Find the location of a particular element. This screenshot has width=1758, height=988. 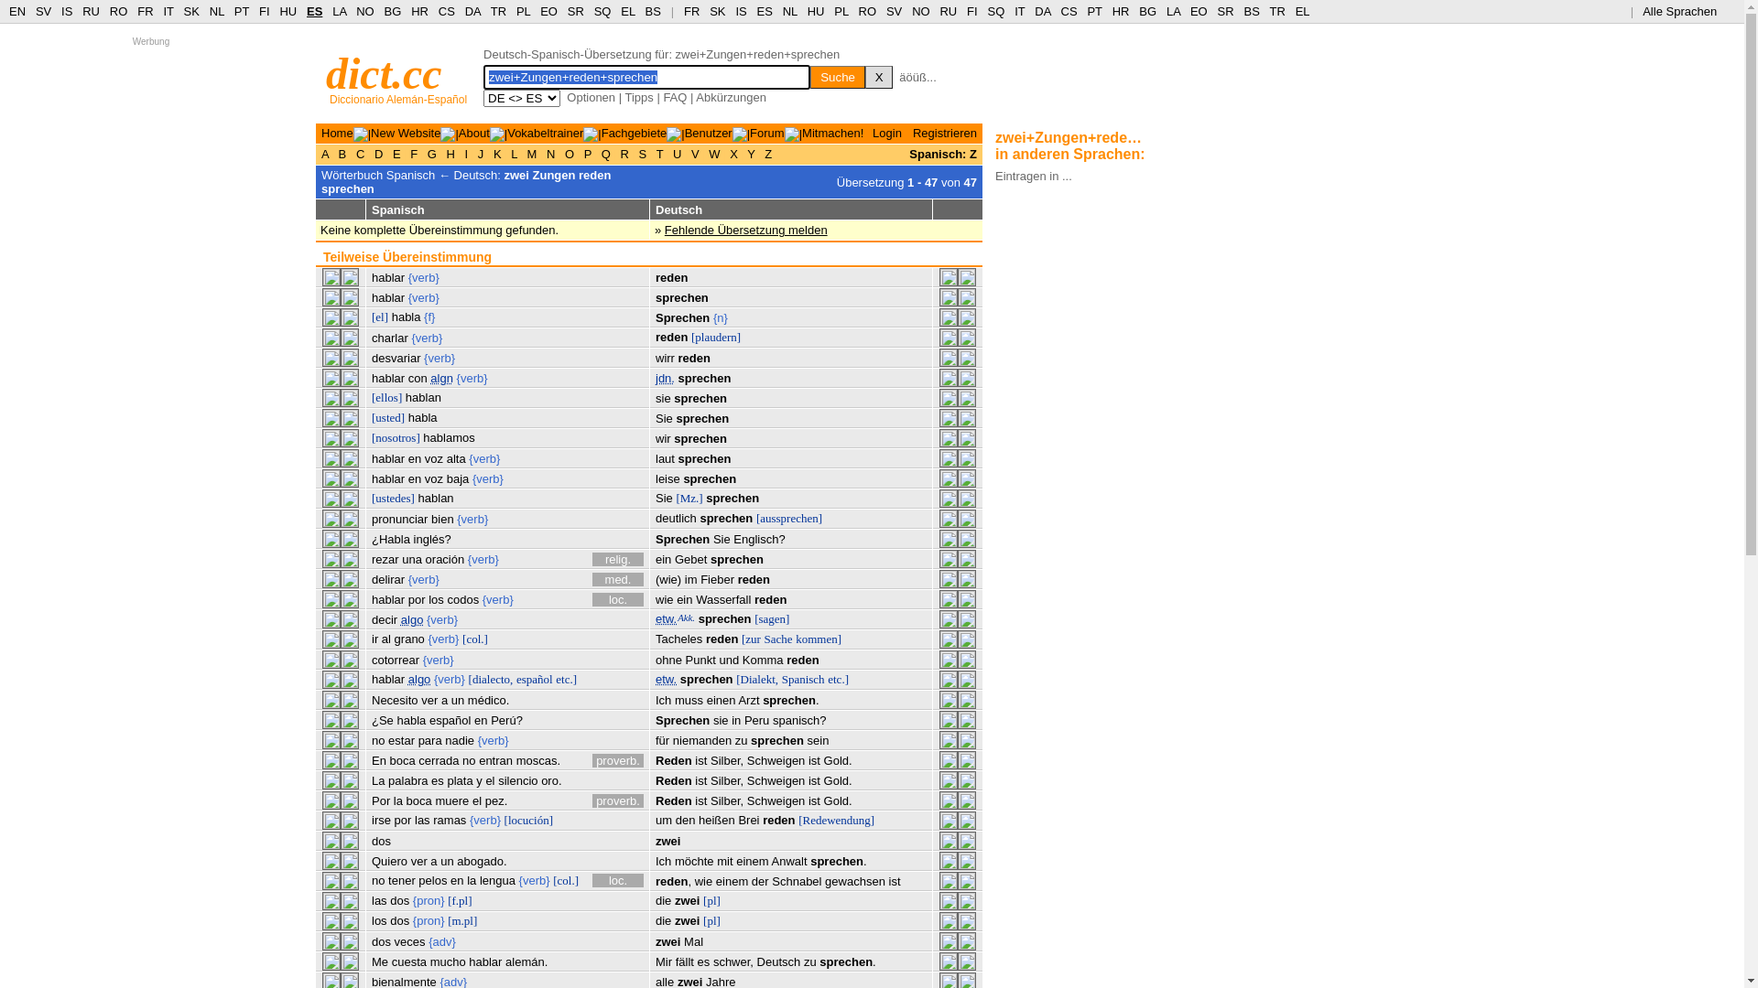

'codos' is located at coordinates (462, 599).